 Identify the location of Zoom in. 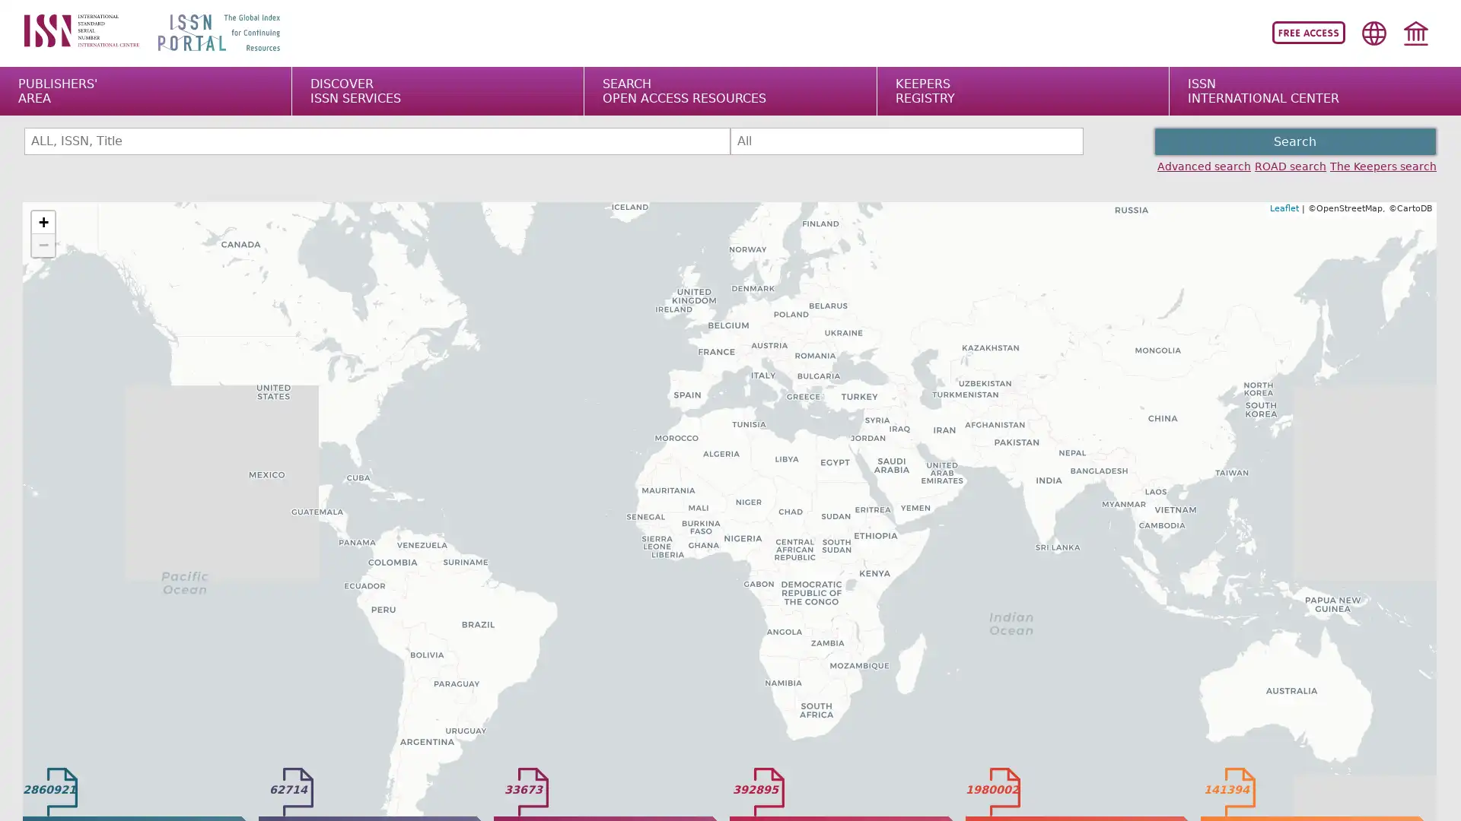
(43, 223).